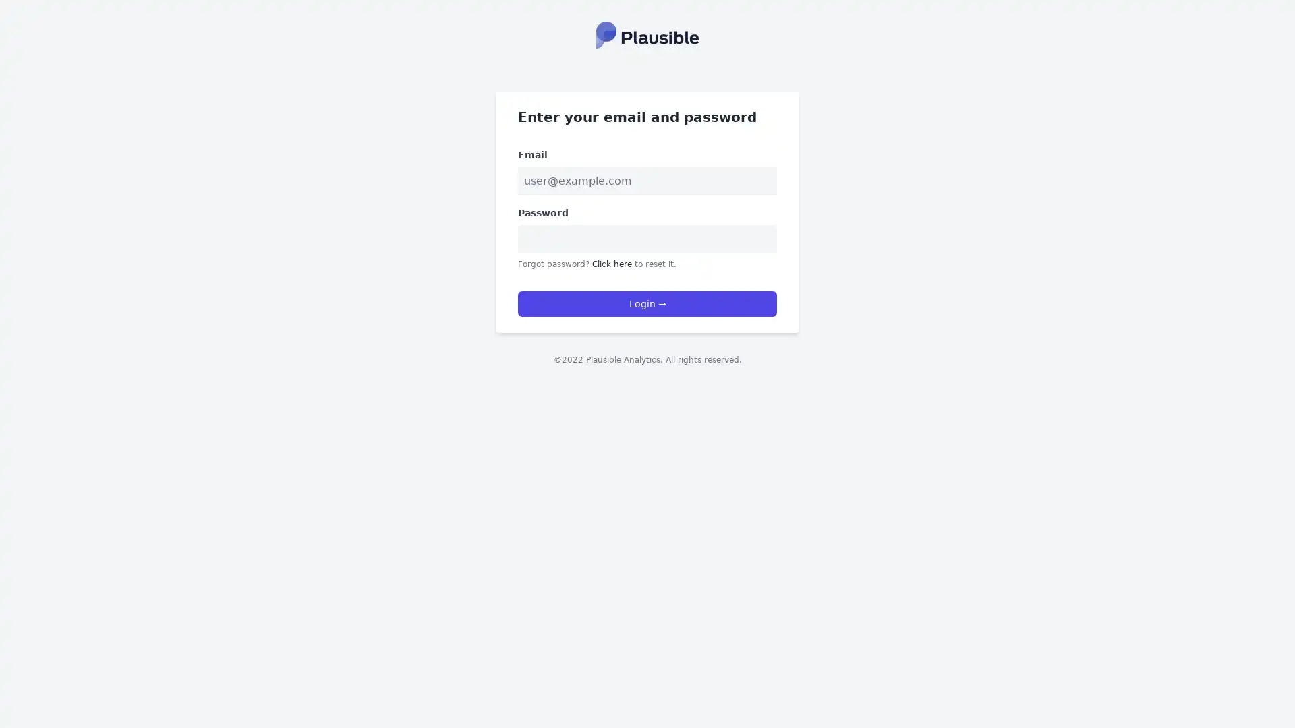 The height and width of the screenshot is (728, 1295). What do you see at coordinates (647, 304) in the screenshot?
I see `Login` at bounding box center [647, 304].